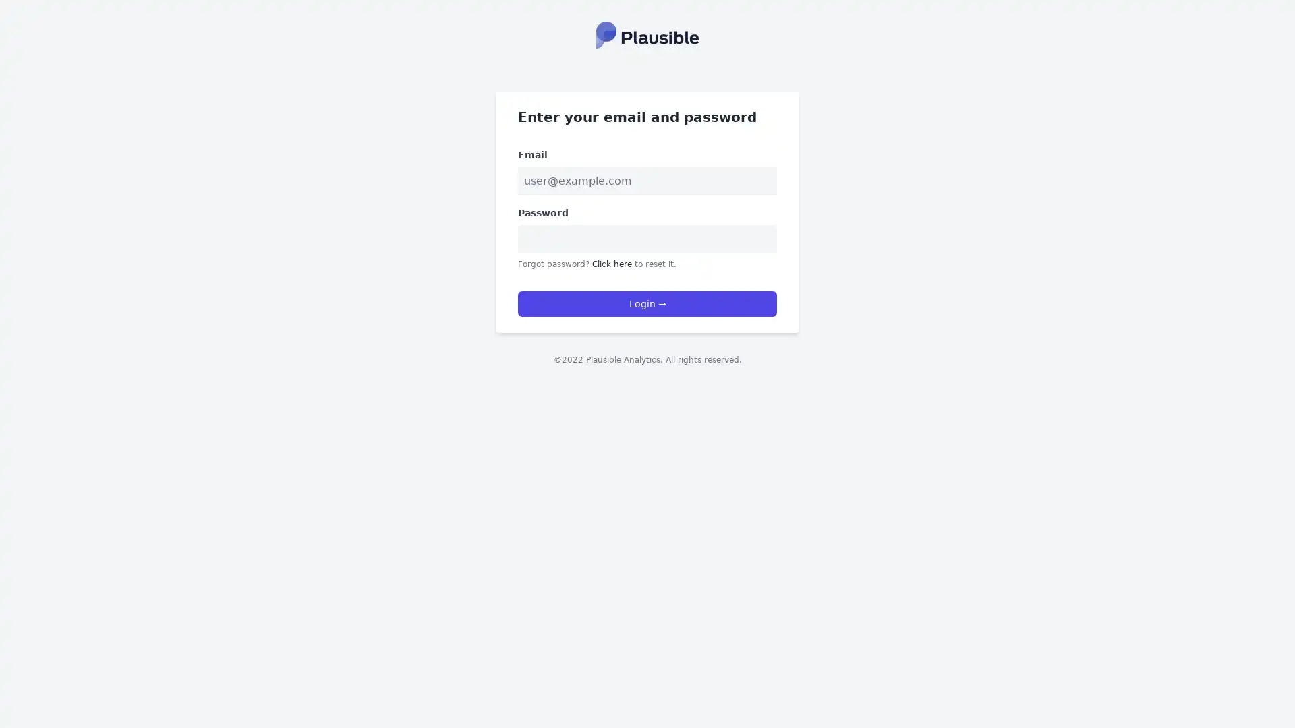 The height and width of the screenshot is (728, 1295). What do you see at coordinates (647, 304) in the screenshot?
I see `Login` at bounding box center [647, 304].